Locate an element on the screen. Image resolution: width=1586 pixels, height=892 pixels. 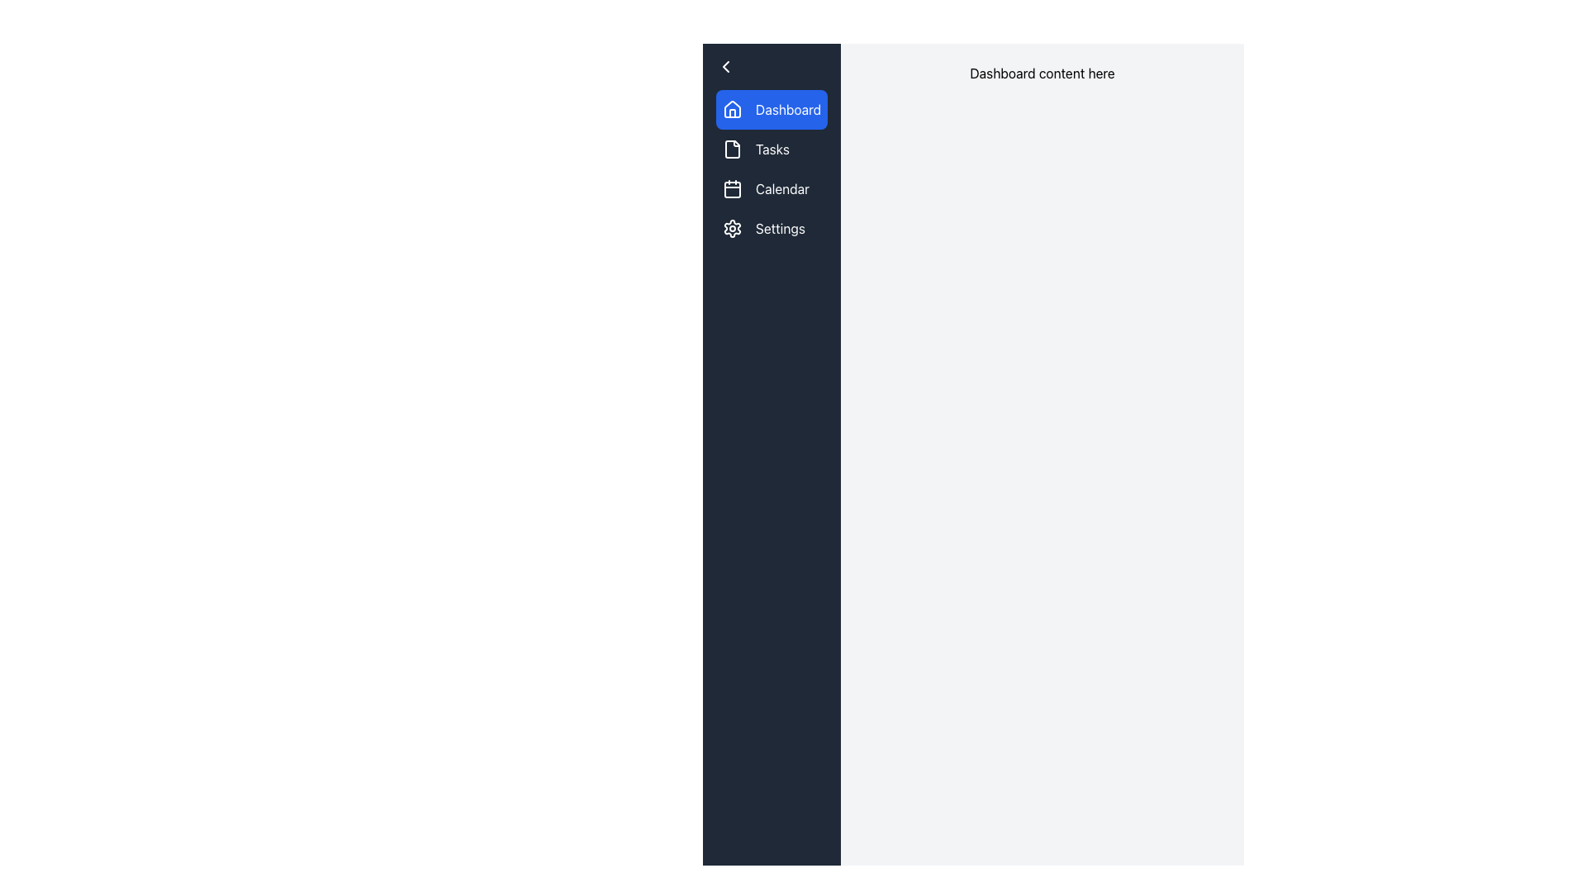
the 'Settings' button in the vertical sidebar menu is located at coordinates (771, 229).